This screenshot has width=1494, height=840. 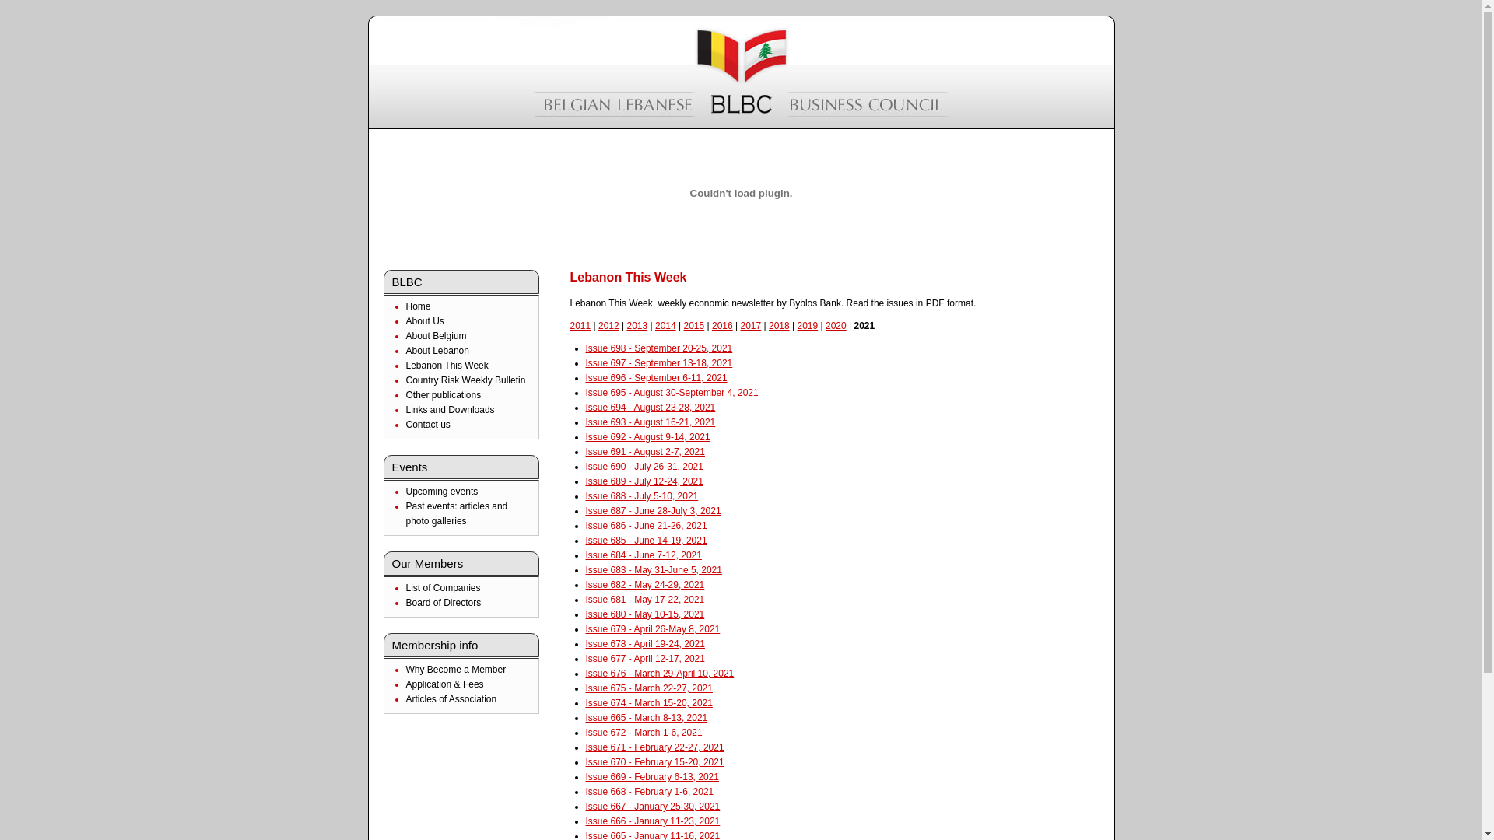 What do you see at coordinates (465, 380) in the screenshot?
I see `'Country Risk Weekly Bulletin'` at bounding box center [465, 380].